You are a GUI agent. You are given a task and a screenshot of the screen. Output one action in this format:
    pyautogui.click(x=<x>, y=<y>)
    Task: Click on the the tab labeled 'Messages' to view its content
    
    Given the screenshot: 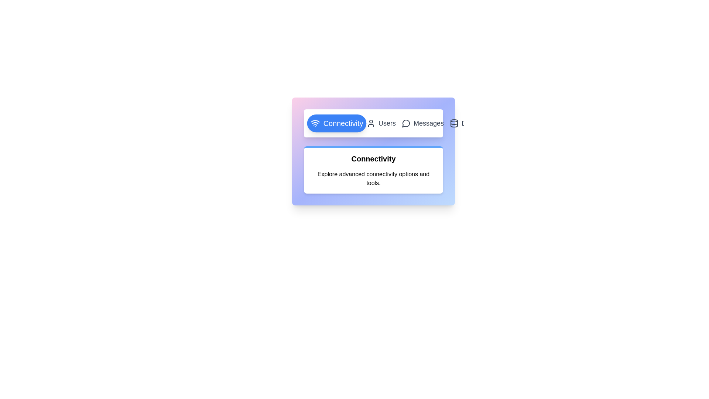 What is the action you would take?
    pyautogui.click(x=423, y=123)
    